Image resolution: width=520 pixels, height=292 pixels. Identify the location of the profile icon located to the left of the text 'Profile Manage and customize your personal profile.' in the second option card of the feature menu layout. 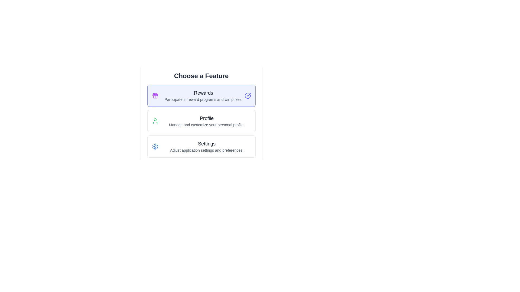
(155, 121).